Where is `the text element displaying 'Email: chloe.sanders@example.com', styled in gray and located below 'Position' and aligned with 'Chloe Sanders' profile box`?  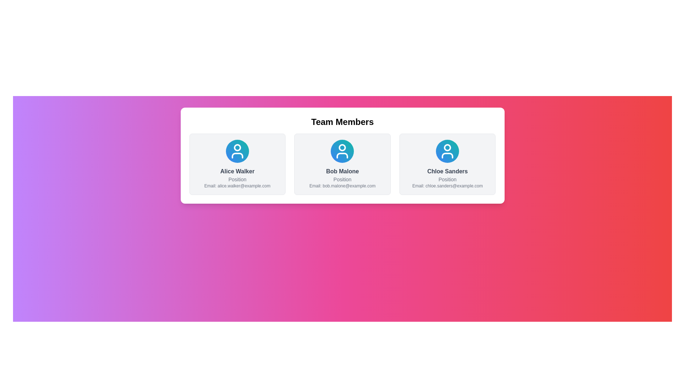 the text element displaying 'Email: chloe.sanders@example.com', styled in gray and located below 'Position' and aligned with 'Chloe Sanders' profile box is located at coordinates (447, 186).